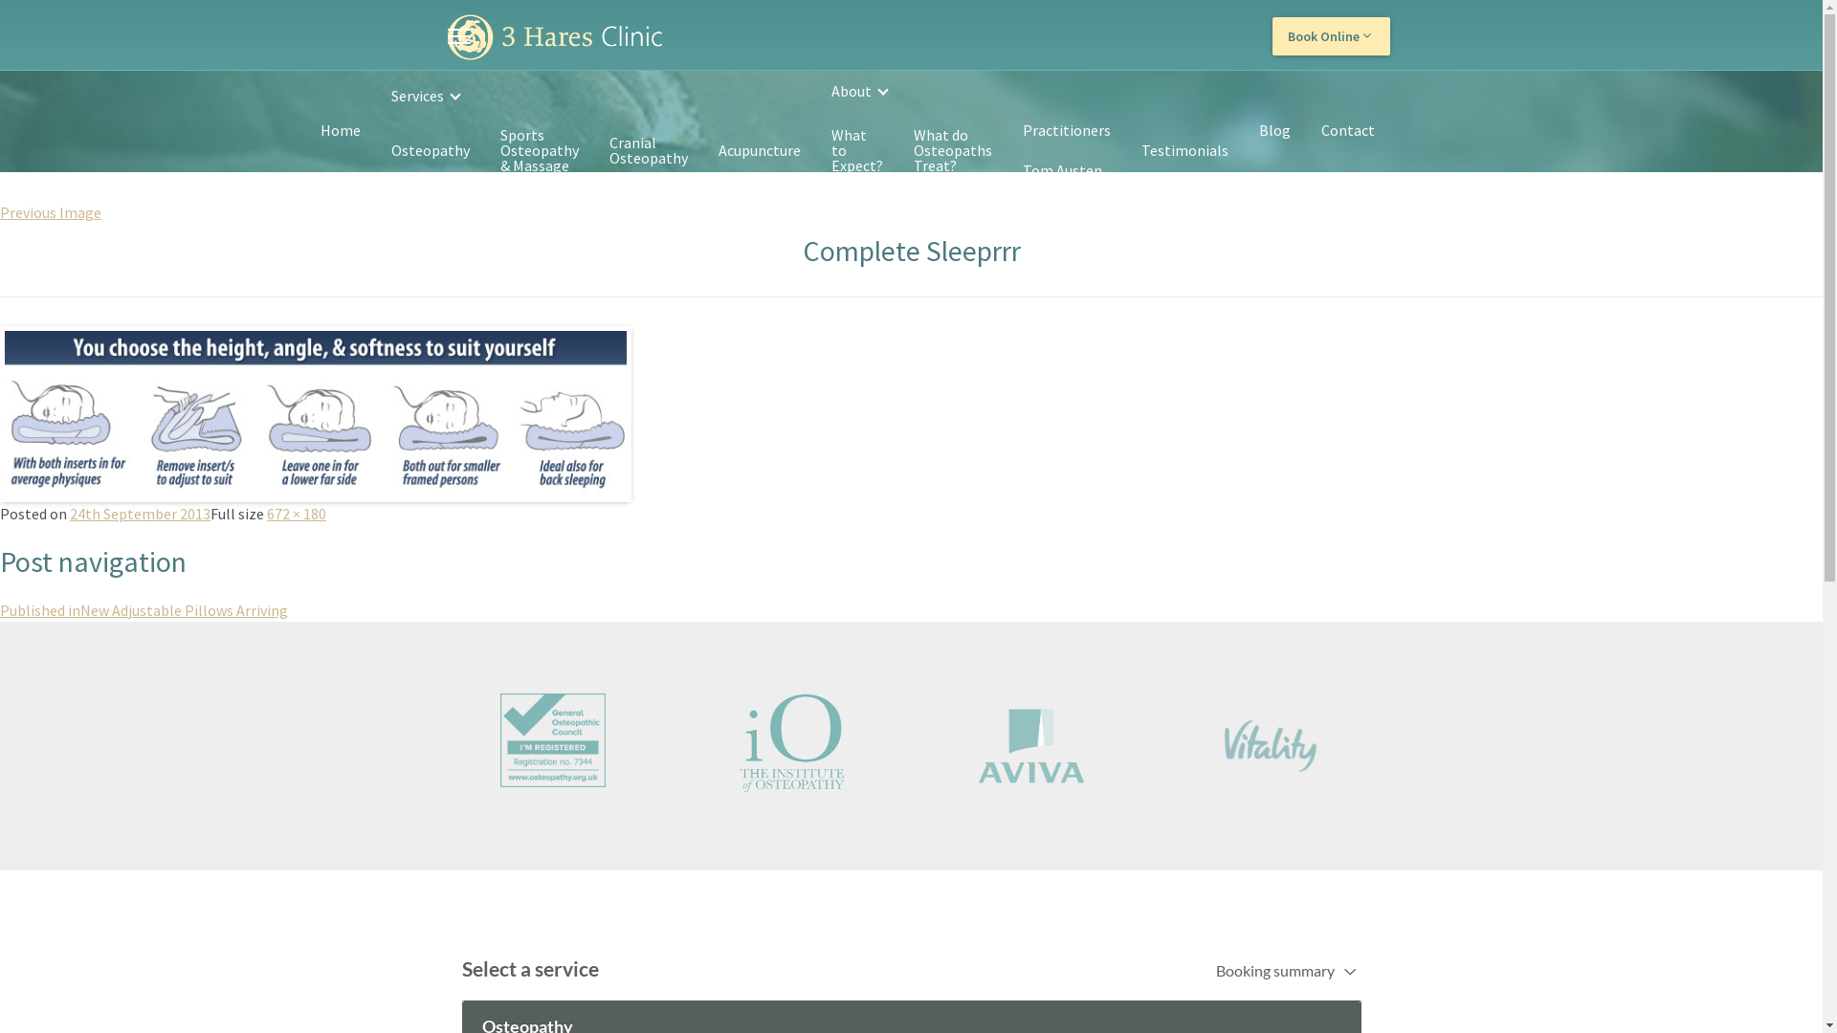 Image resolution: width=1837 pixels, height=1033 pixels. What do you see at coordinates (1244, 130) in the screenshot?
I see `'Blog'` at bounding box center [1244, 130].